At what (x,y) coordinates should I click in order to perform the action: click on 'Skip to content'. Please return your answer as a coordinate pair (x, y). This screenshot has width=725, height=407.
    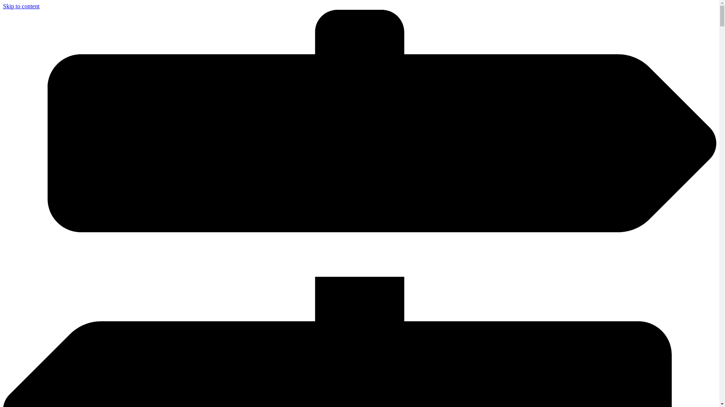
    Looking at the image, I should click on (21, 6).